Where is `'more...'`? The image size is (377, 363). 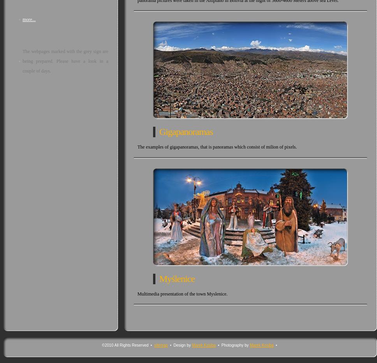 'more...' is located at coordinates (28, 18).